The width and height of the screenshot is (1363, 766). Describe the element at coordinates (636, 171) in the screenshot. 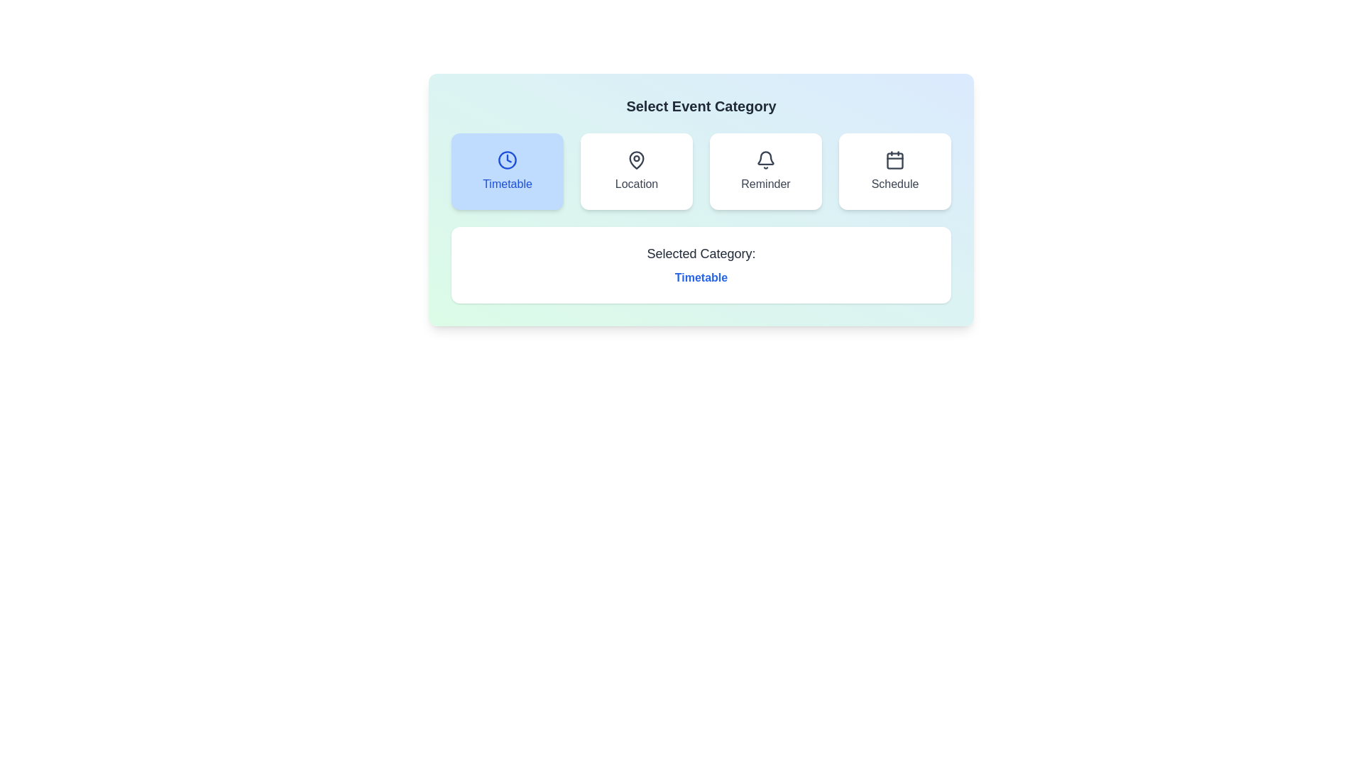

I see `the event category Location by clicking on its respective button` at that location.